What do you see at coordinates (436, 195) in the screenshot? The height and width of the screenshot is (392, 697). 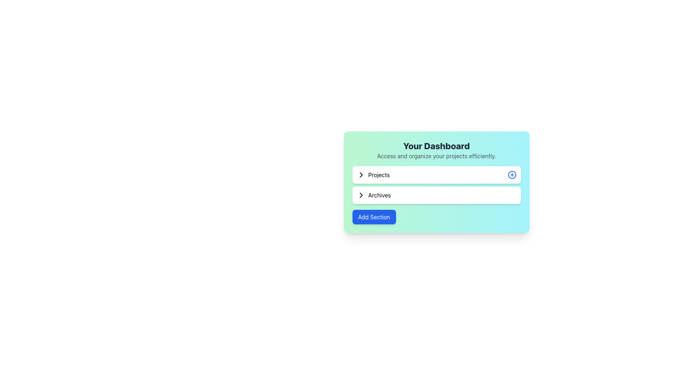 I see `the second item in the vertical list under the 'Projects' section in the 'Your Dashboard' card` at bounding box center [436, 195].